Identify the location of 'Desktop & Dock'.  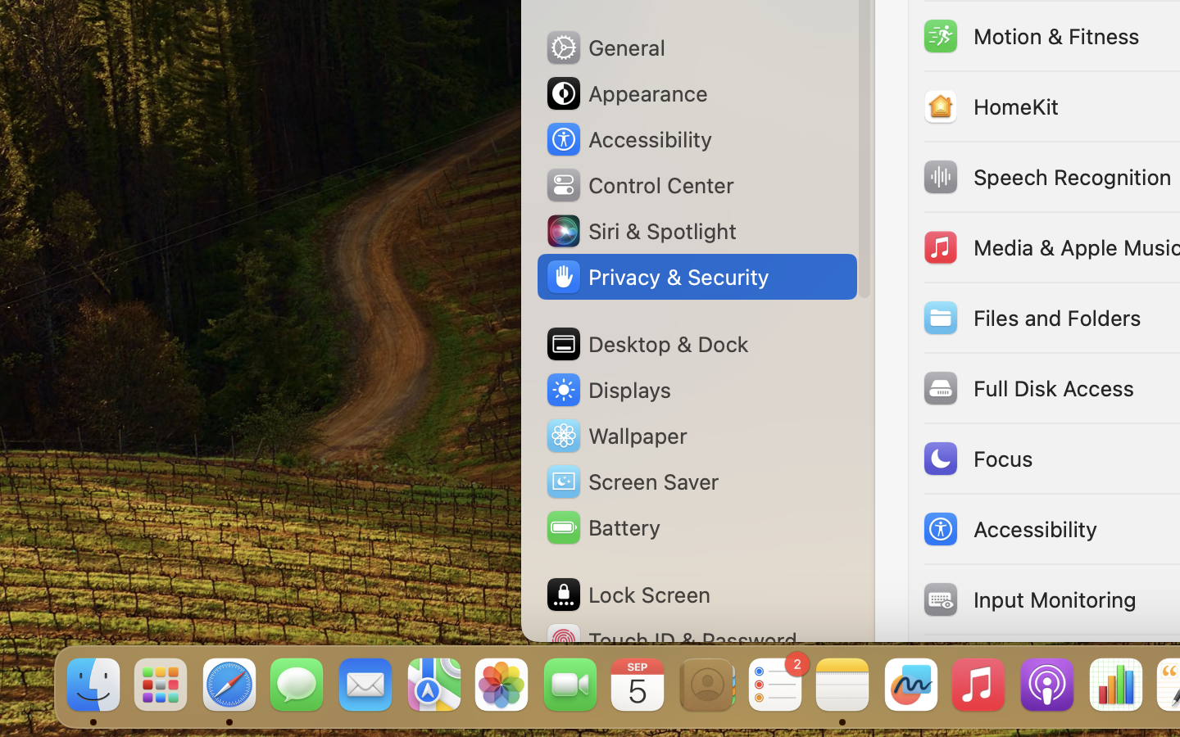
(646, 344).